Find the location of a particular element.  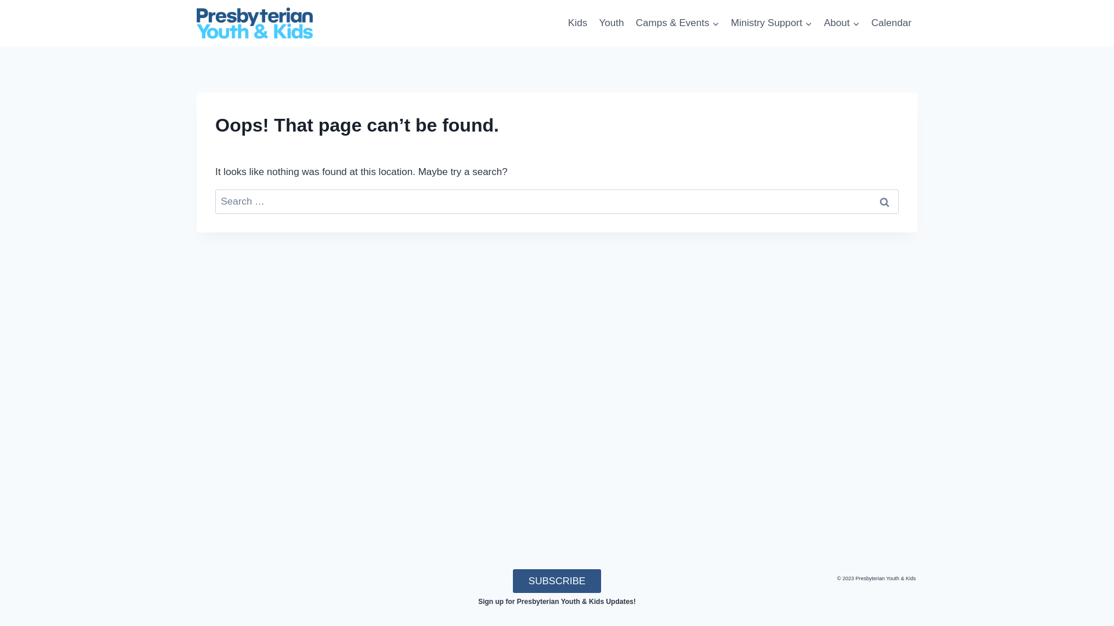

'Search' is located at coordinates (883, 201).